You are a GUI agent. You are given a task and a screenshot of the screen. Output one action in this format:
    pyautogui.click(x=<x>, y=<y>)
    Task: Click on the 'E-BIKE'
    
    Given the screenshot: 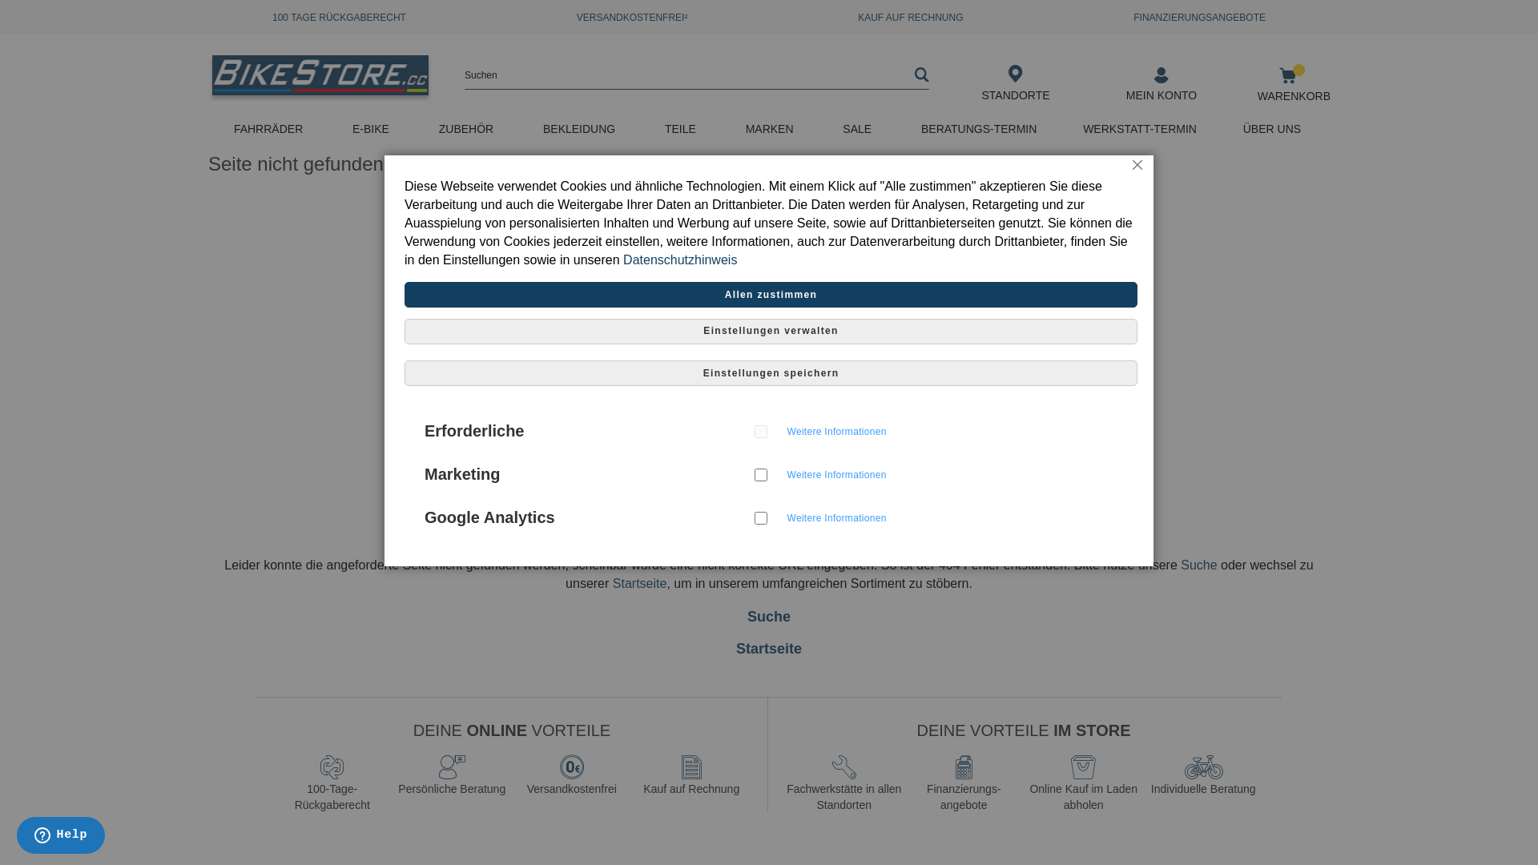 What is the action you would take?
    pyautogui.click(x=372, y=129)
    